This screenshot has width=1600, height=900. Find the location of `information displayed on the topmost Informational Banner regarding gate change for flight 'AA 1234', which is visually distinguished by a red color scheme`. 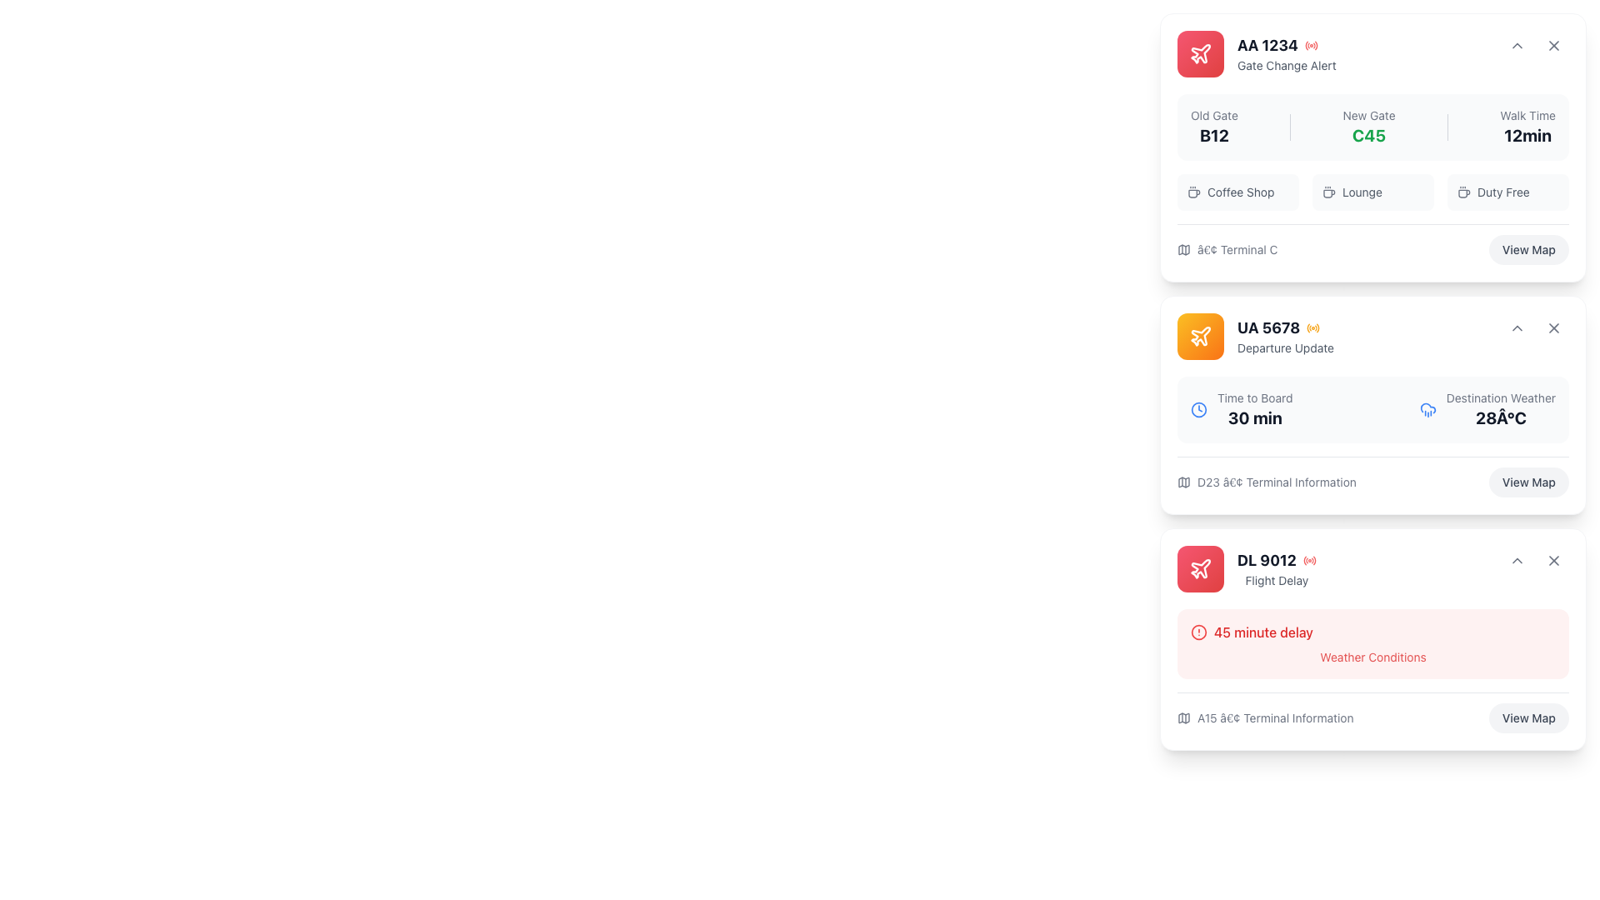

information displayed on the topmost Informational Banner regarding gate change for flight 'AA 1234', which is visually distinguished by a red color scheme is located at coordinates (1257, 53).